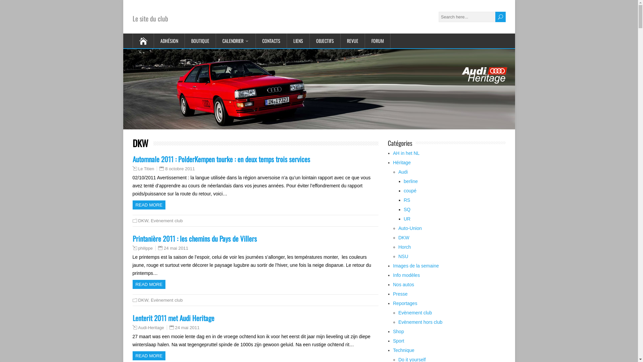 This screenshot has width=643, height=362. I want to click on 'philippe', so click(145, 248).